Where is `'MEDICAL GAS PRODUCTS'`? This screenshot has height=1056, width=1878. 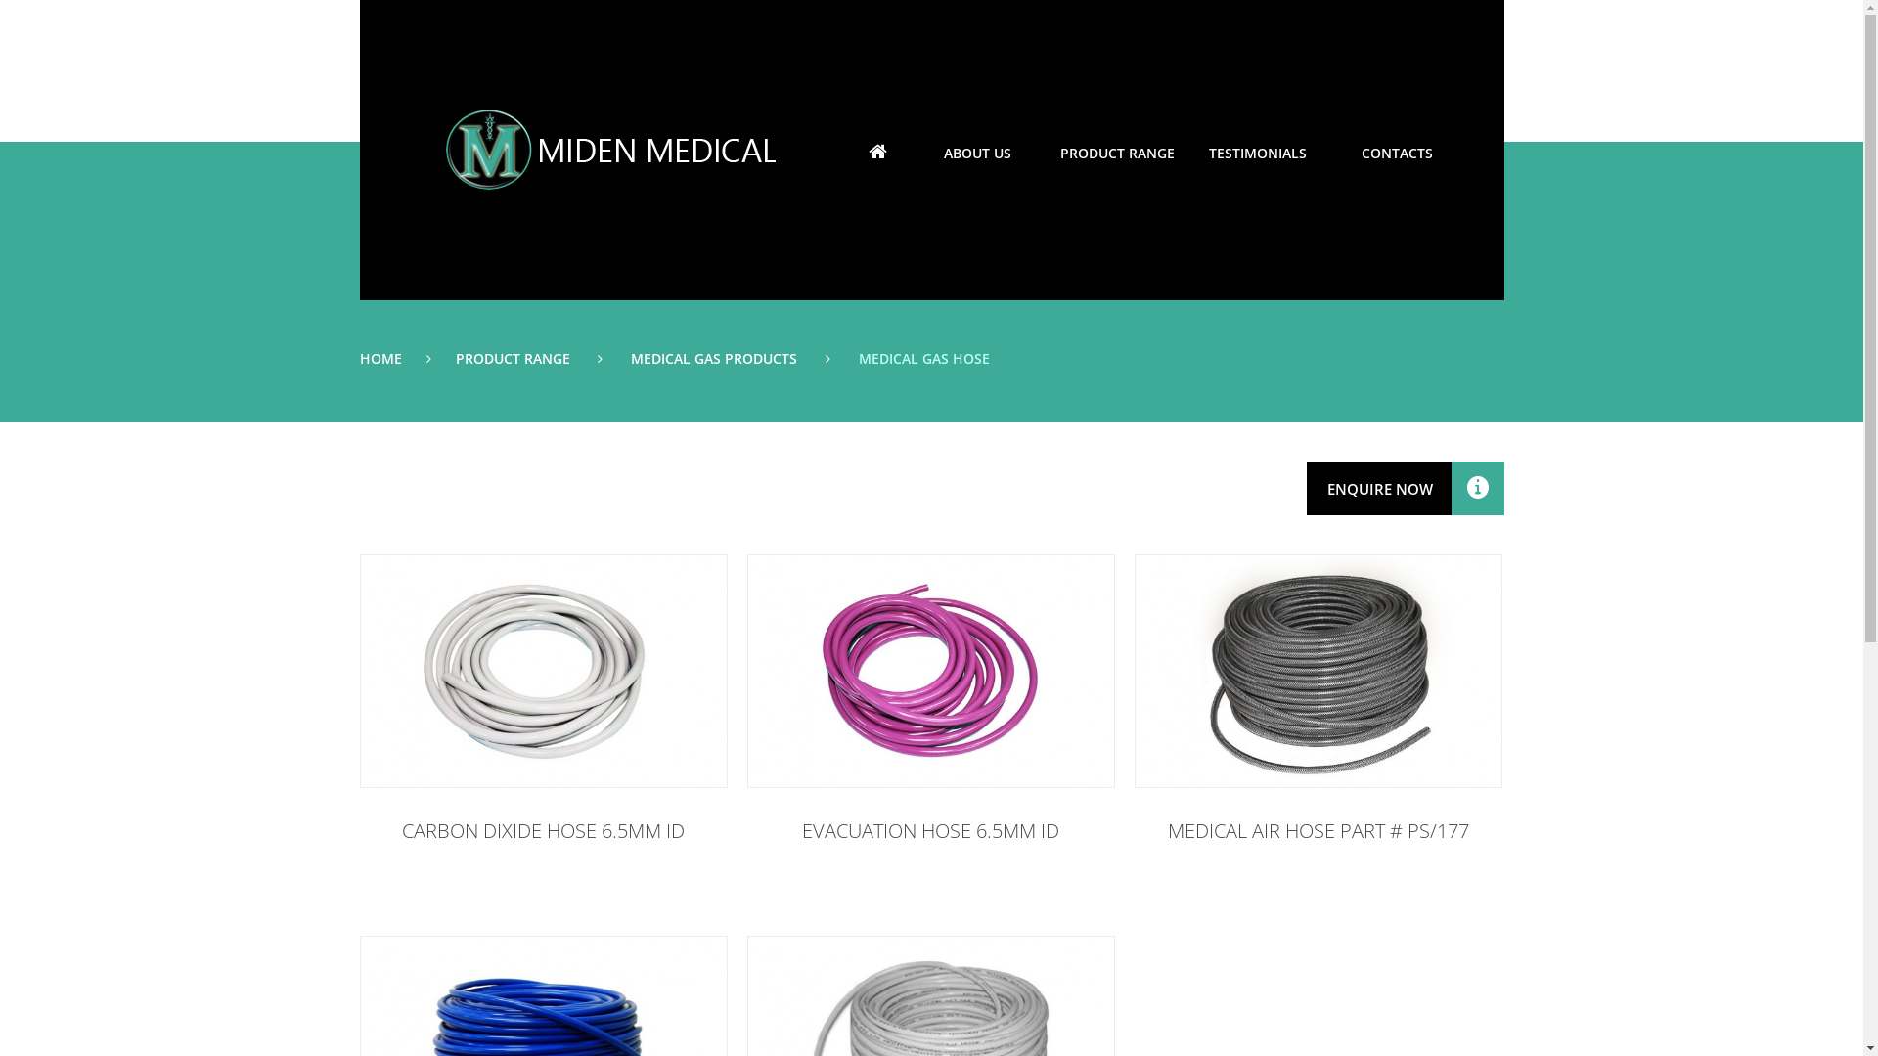
'MEDICAL GAS PRODUCTS' is located at coordinates (712, 358).